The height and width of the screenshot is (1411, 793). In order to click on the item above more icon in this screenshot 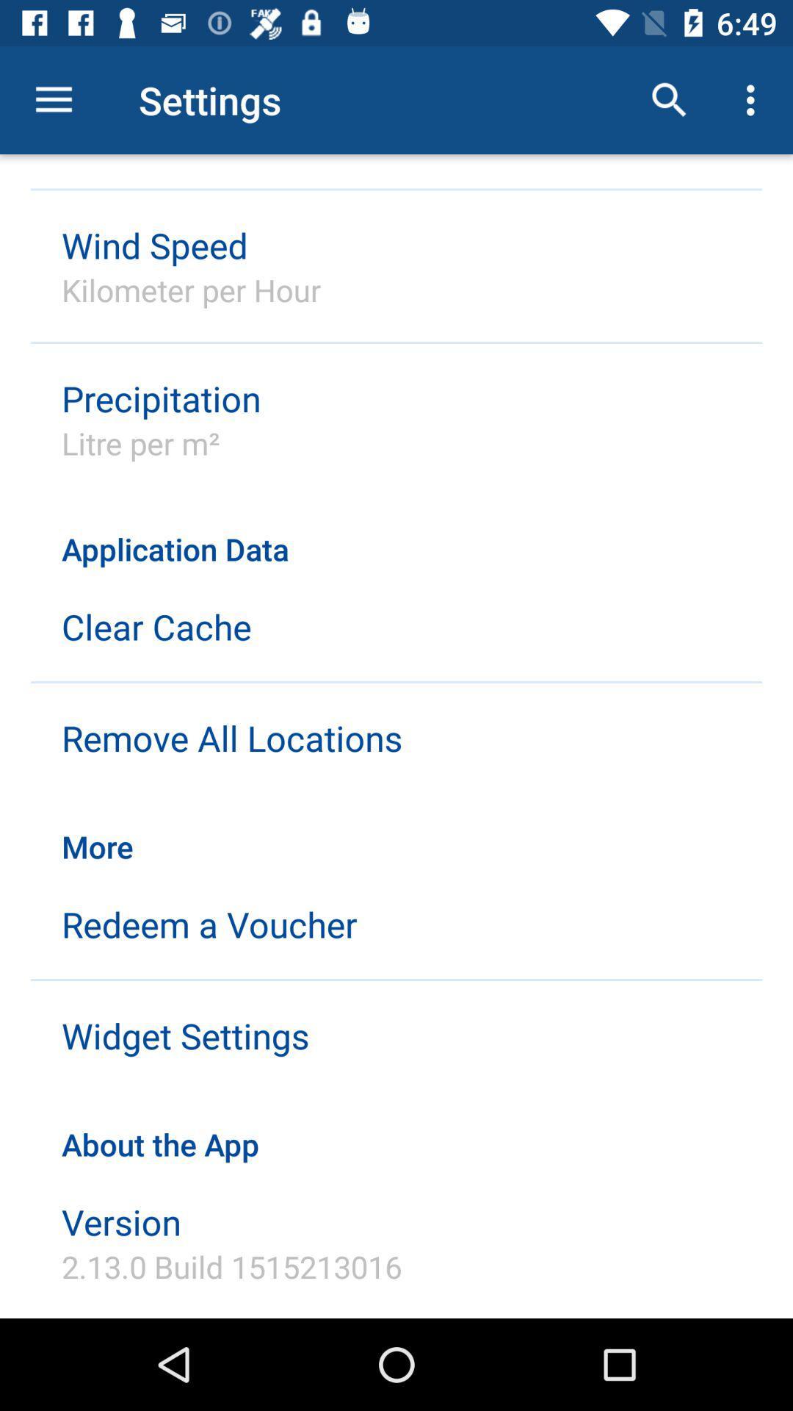, I will do `click(231, 738)`.